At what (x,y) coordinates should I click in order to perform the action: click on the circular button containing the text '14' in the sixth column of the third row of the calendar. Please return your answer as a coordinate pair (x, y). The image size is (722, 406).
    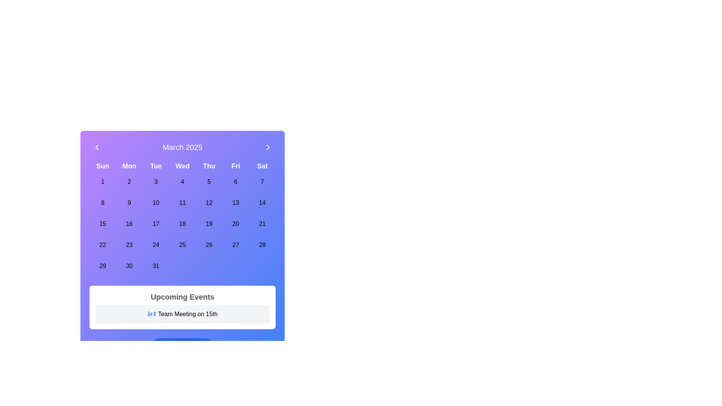
    Looking at the image, I should click on (262, 203).